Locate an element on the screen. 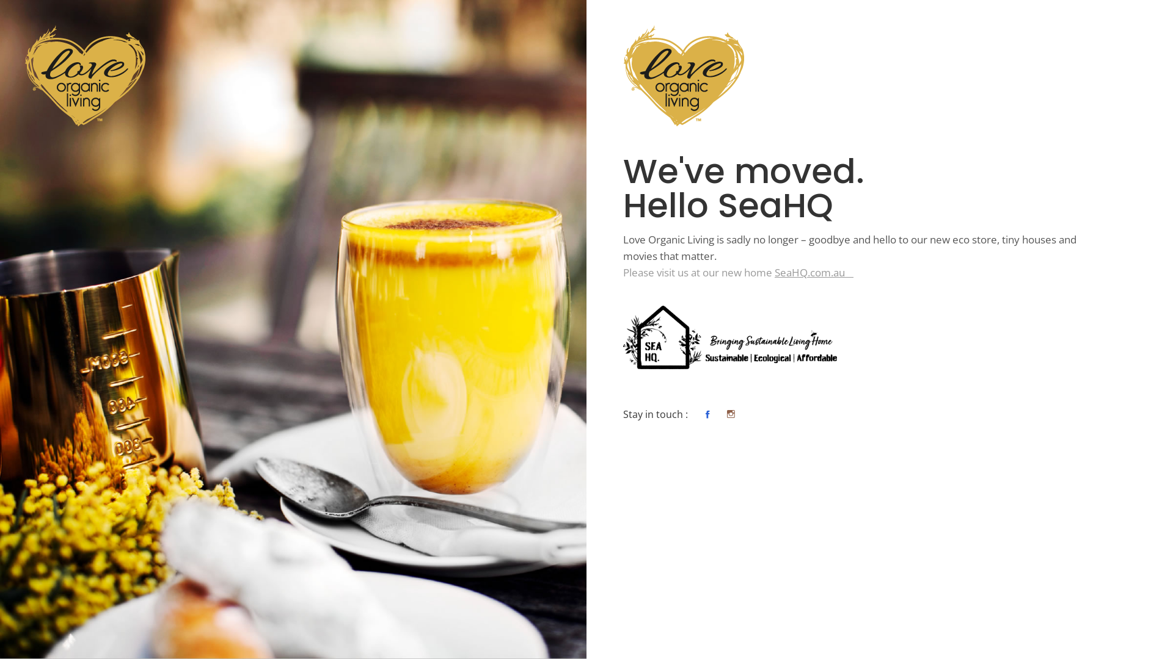  'SeaHQ Instagram' is located at coordinates (731, 414).